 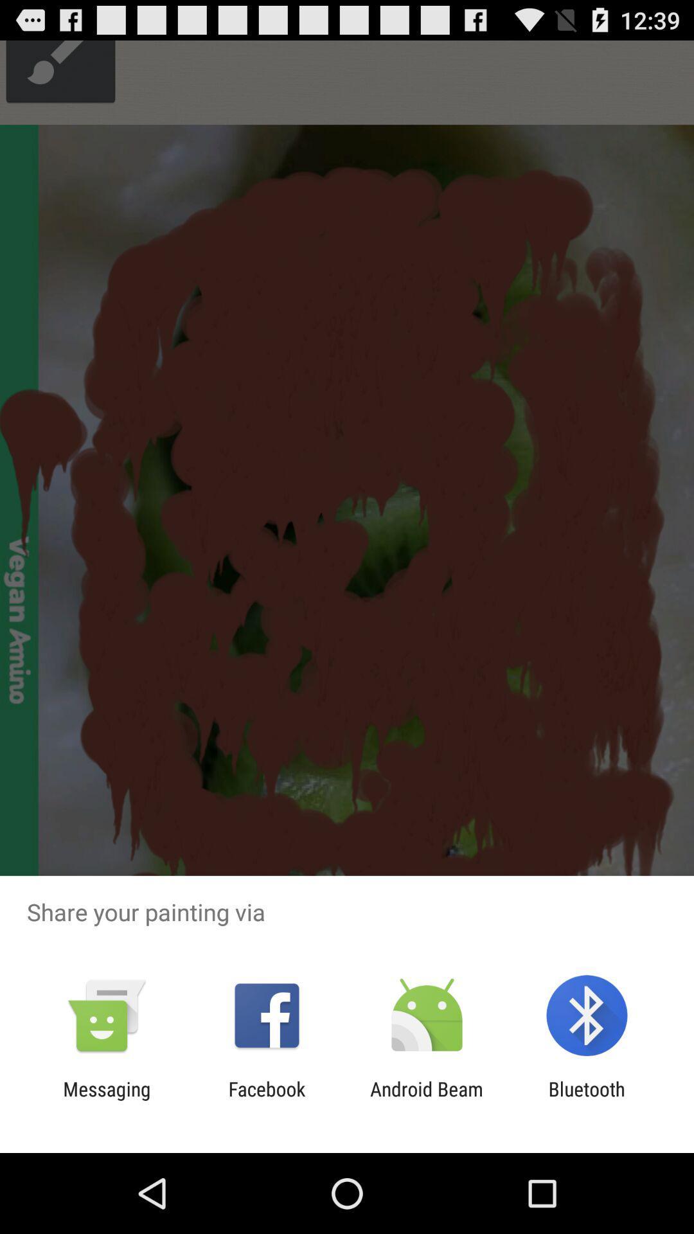 I want to click on item next to messaging icon, so click(x=266, y=1100).